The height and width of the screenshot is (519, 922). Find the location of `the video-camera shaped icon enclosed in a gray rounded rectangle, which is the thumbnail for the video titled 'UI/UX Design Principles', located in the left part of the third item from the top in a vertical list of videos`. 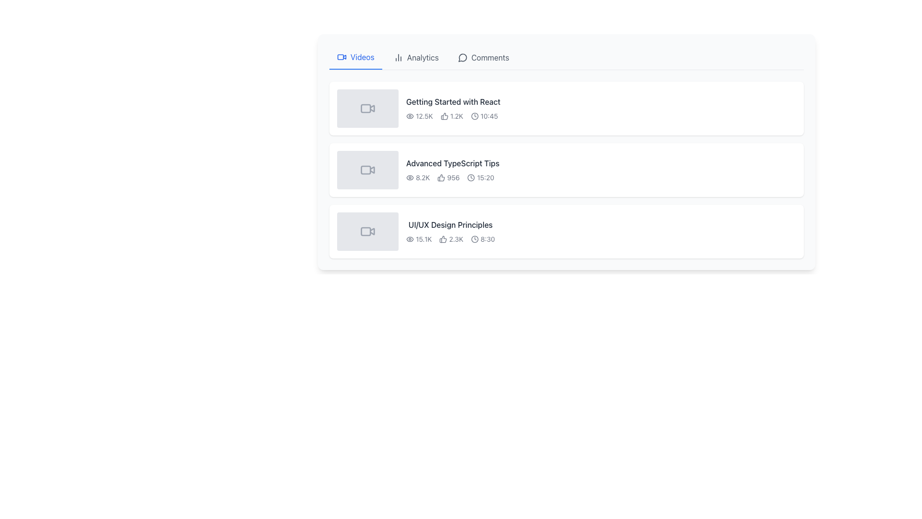

the video-camera shaped icon enclosed in a gray rounded rectangle, which is the thumbnail for the video titled 'UI/UX Design Principles', located in the left part of the third item from the top in a vertical list of videos is located at coordinates (367, 232).